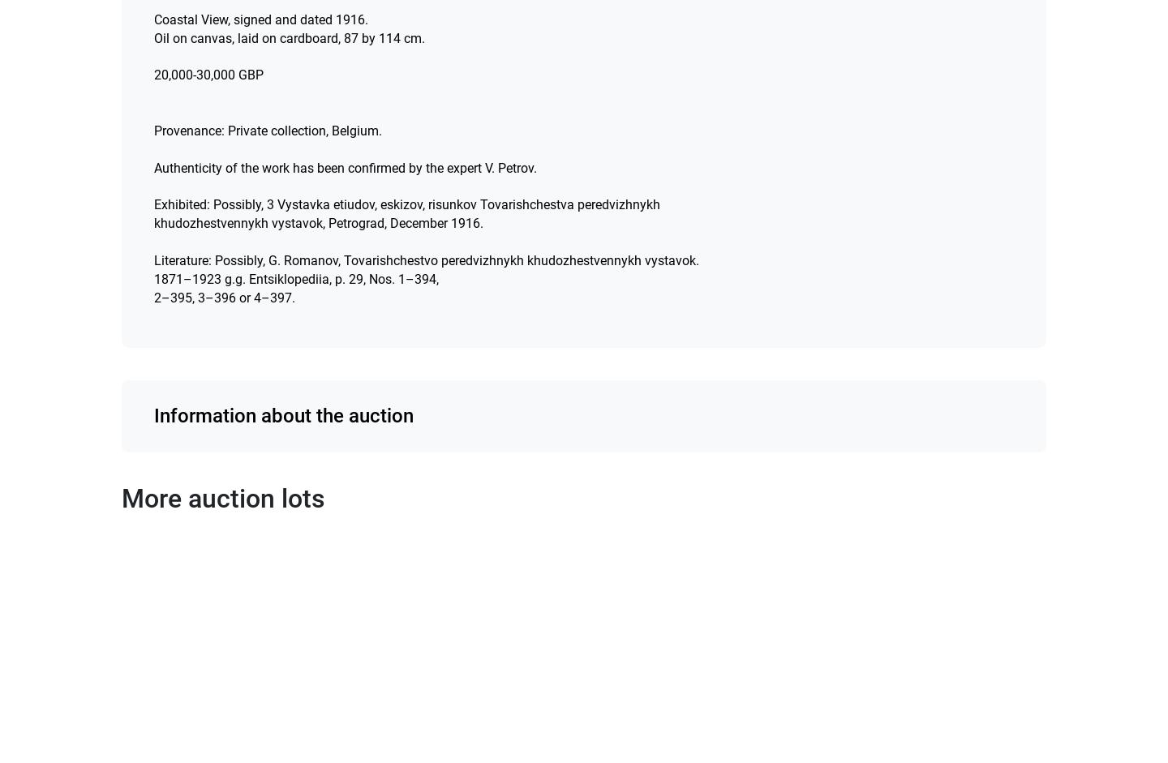 This screenshot has width=1168, height=763. What do you see at coordinates (268, 129) in the screenshot?
I see `'Provenance: Private collection, Belgium.'` at bounding box center [268, 129].